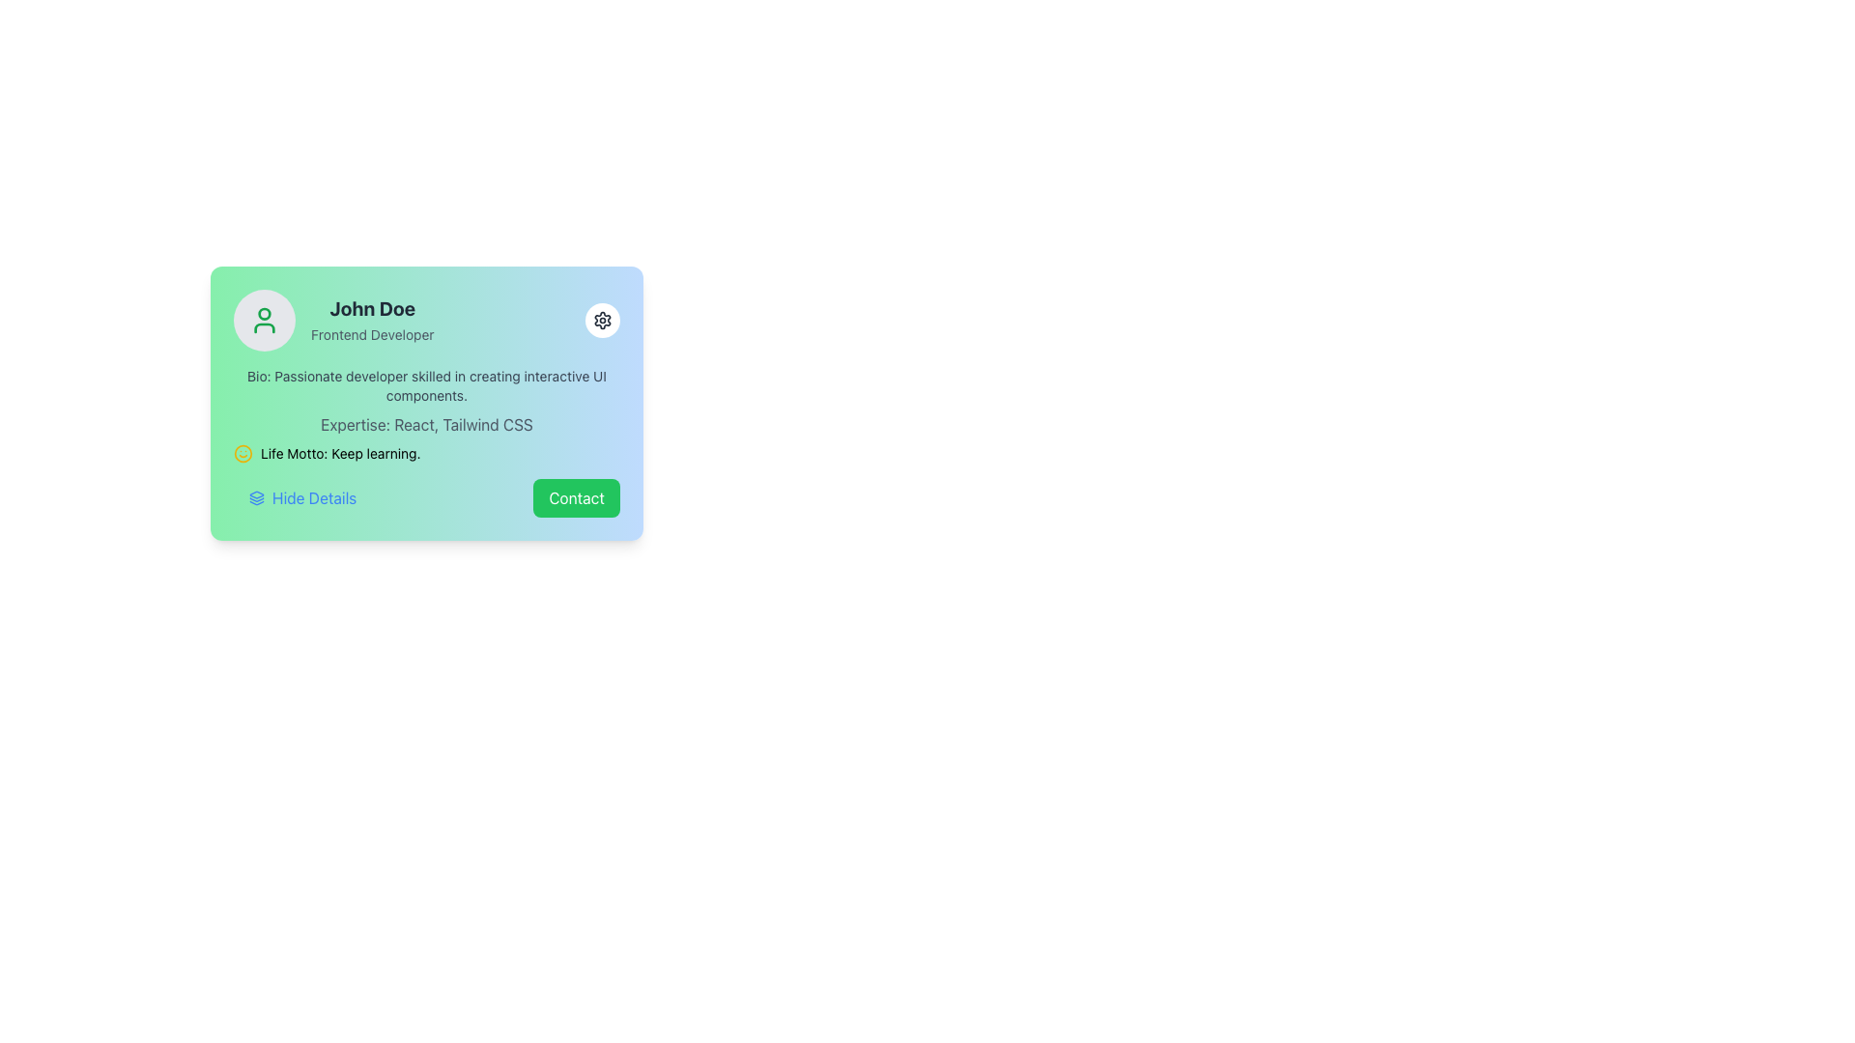 The height and width of the screenshot is (1043, 1855). What do you see at coordinates (263, 319) in the screenshot?
I see `the Avatar component located in the top-left section of the profile card, adjacent to the name and role labels` at bounding box center [263, 319].